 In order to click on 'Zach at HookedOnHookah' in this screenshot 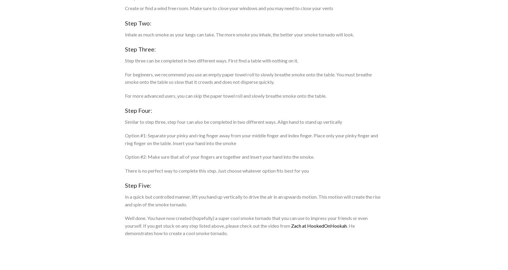, I will do `click(319, 225)`.